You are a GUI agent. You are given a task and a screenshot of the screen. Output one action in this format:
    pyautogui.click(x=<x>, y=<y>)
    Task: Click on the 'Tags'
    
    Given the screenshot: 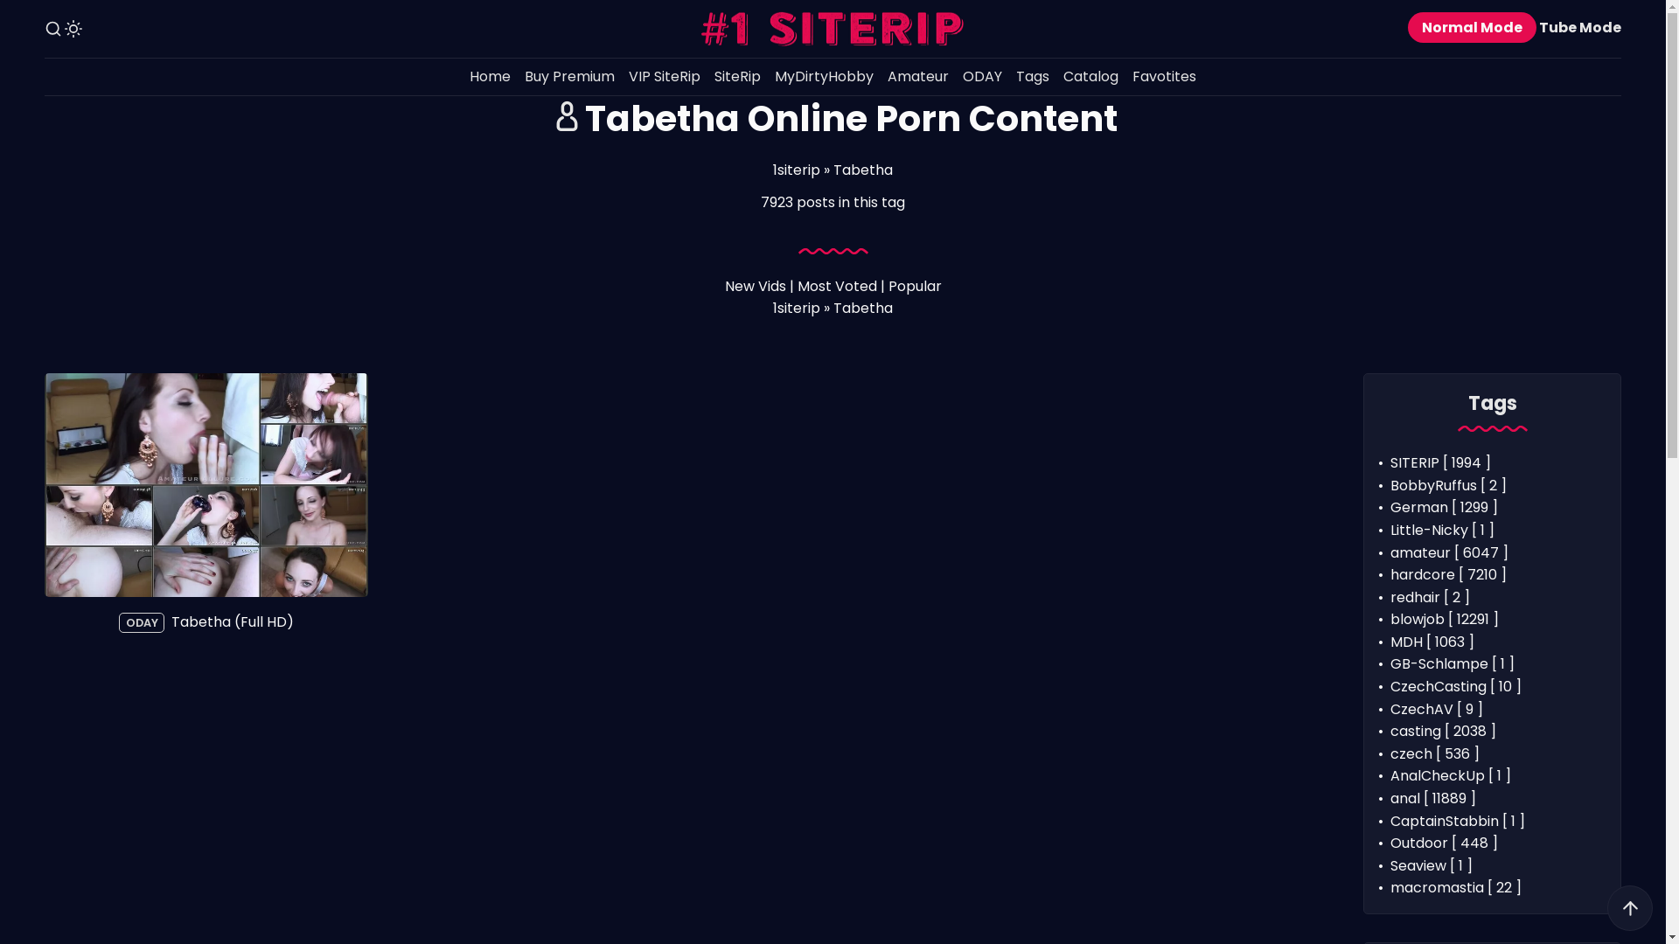 What is the action you would take?
    pyautogui.click(x=1032, y=76)
    